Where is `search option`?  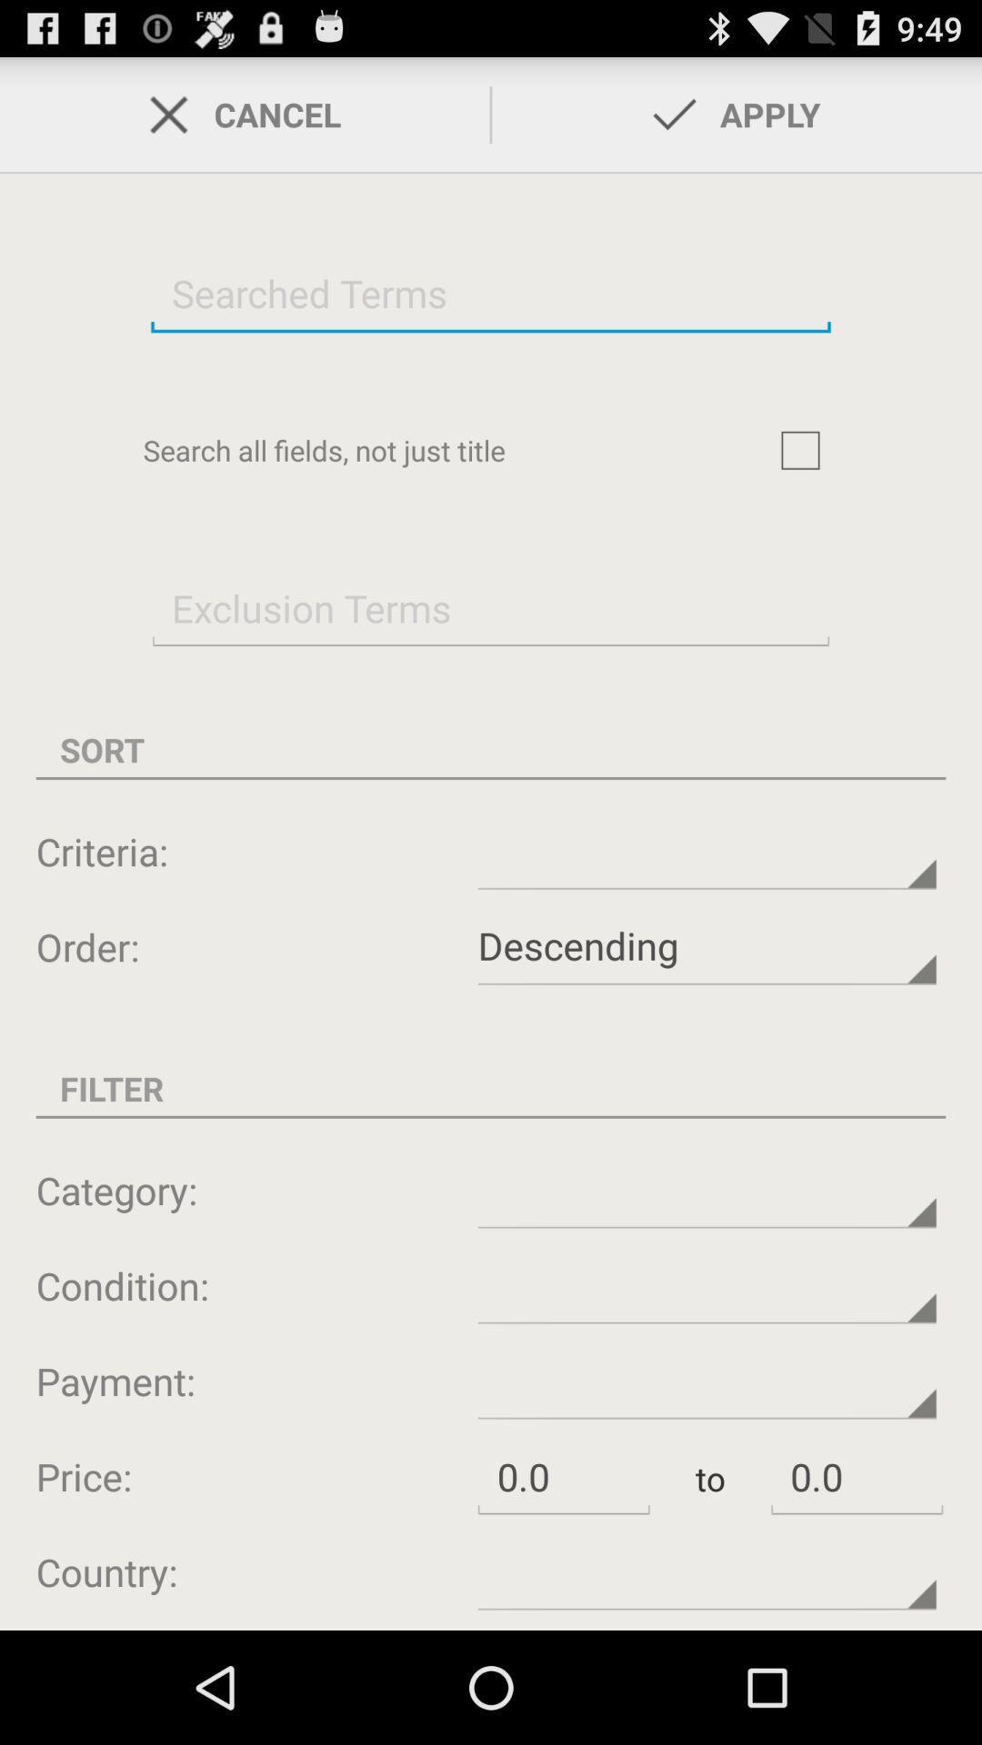
search option is located at coordinates (491, 293).